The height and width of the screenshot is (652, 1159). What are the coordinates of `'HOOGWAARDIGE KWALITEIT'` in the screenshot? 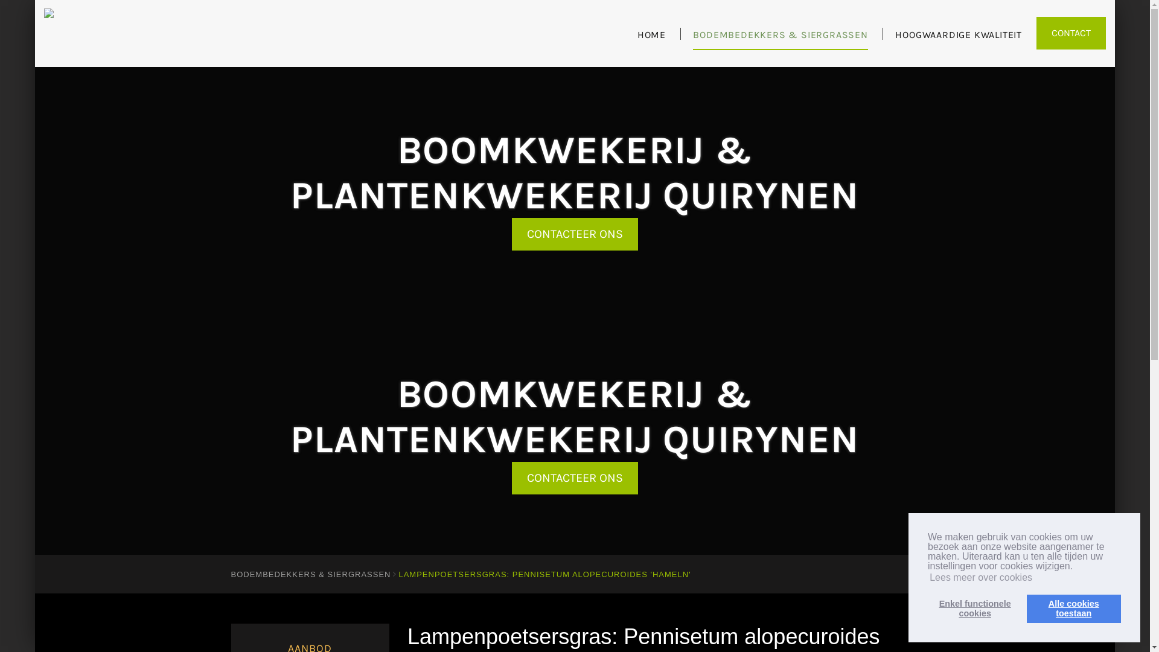 It's located at (958, 39).